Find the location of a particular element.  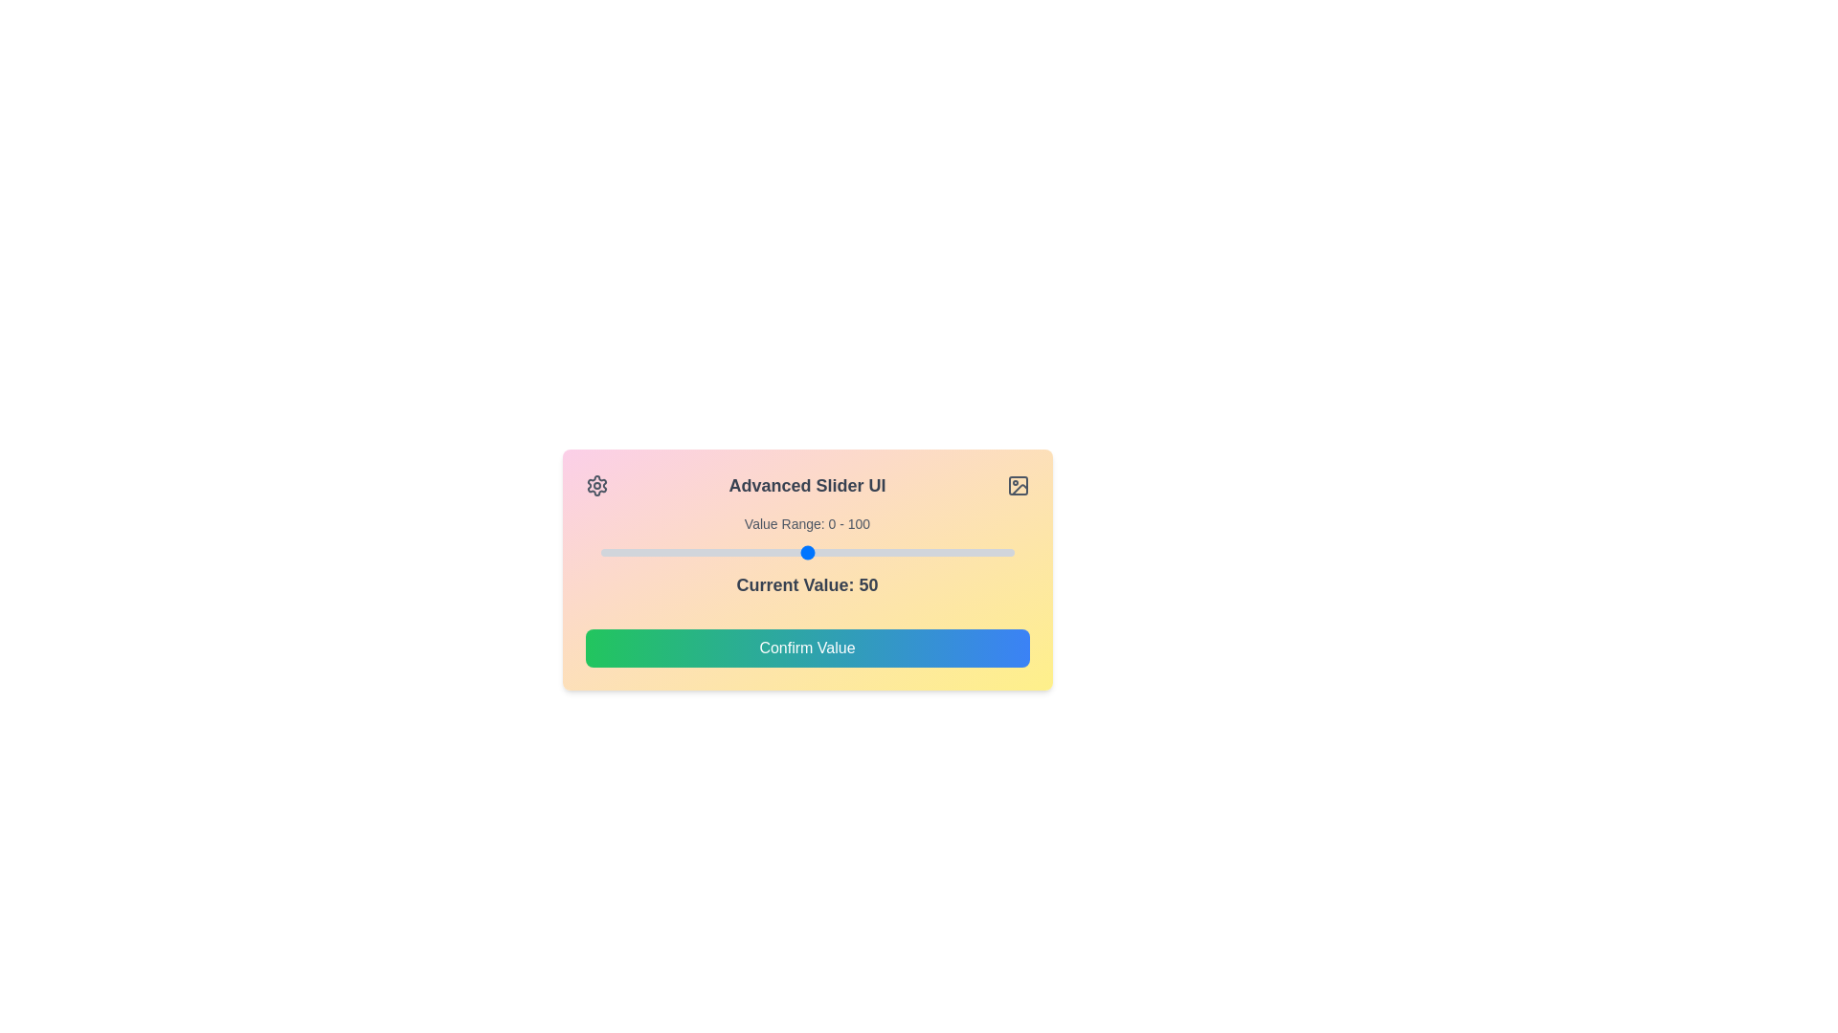

the slider to set its value to 32 is located at coordinates (731, 553).